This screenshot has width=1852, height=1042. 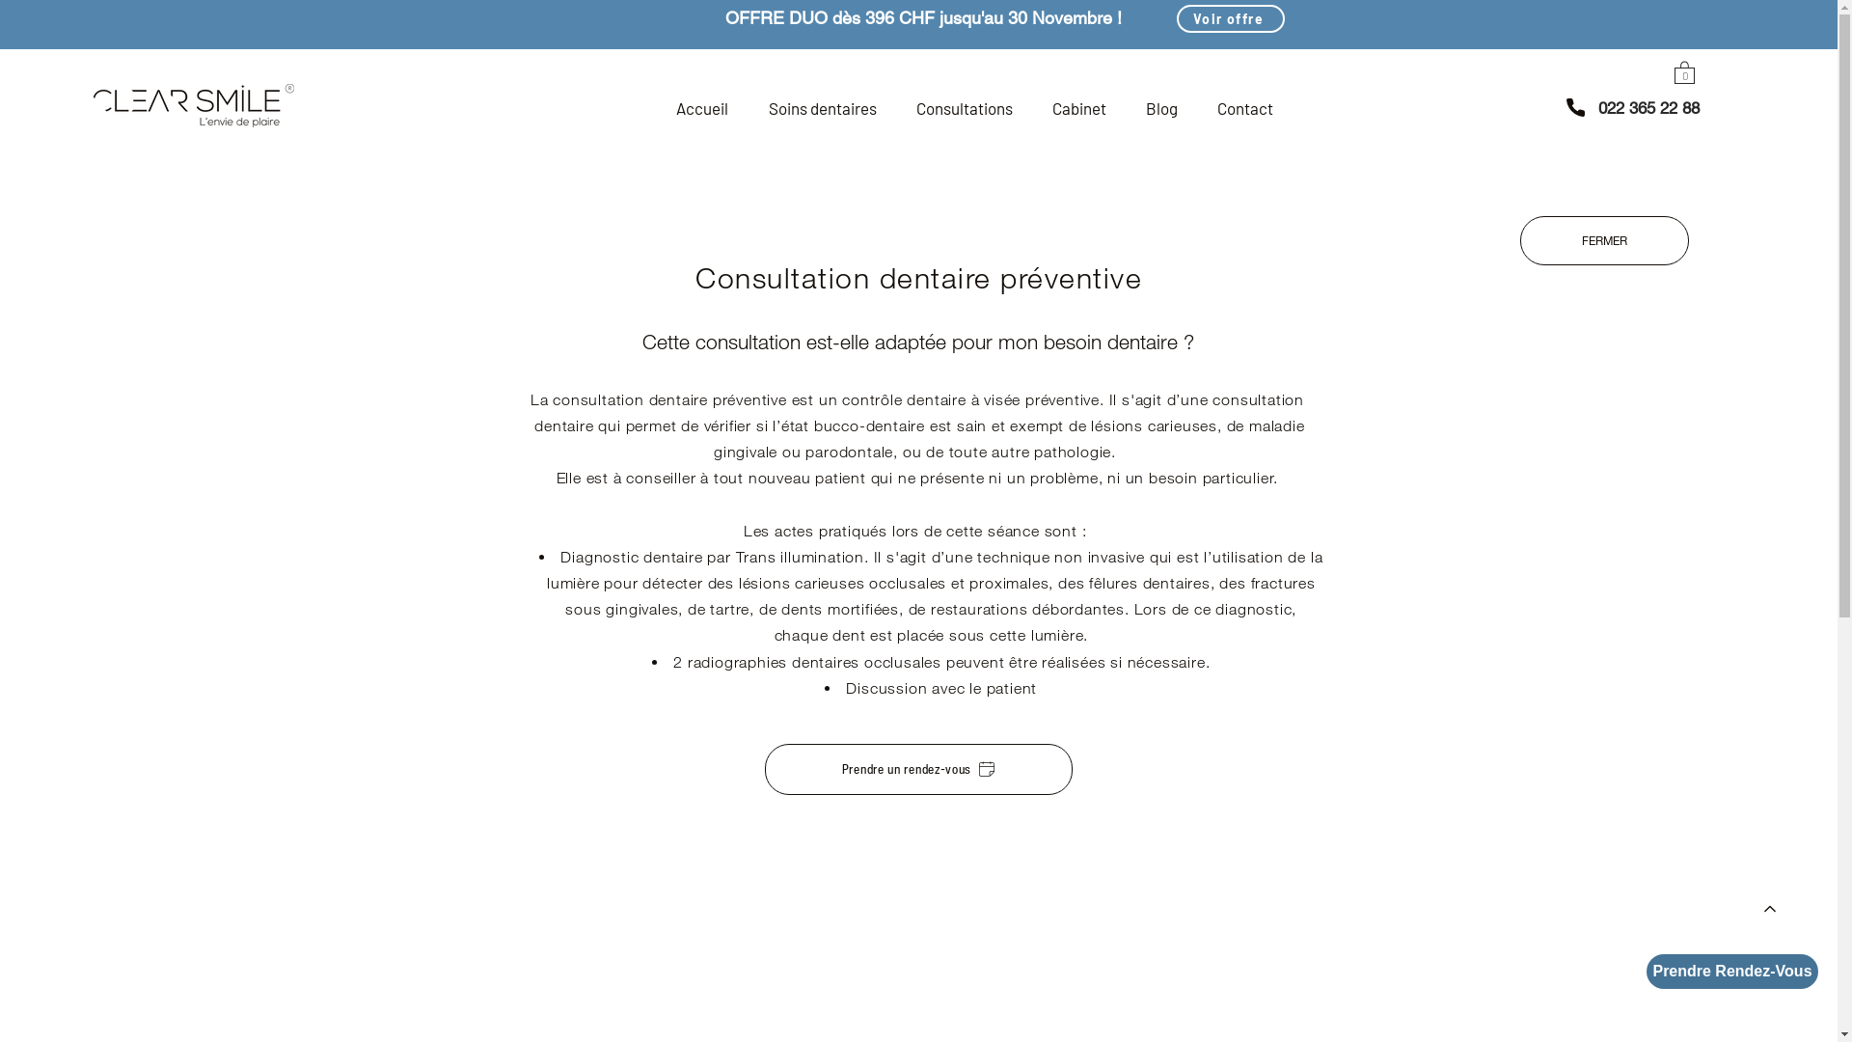 I want to click on '0', so click(x=1683, y=70).